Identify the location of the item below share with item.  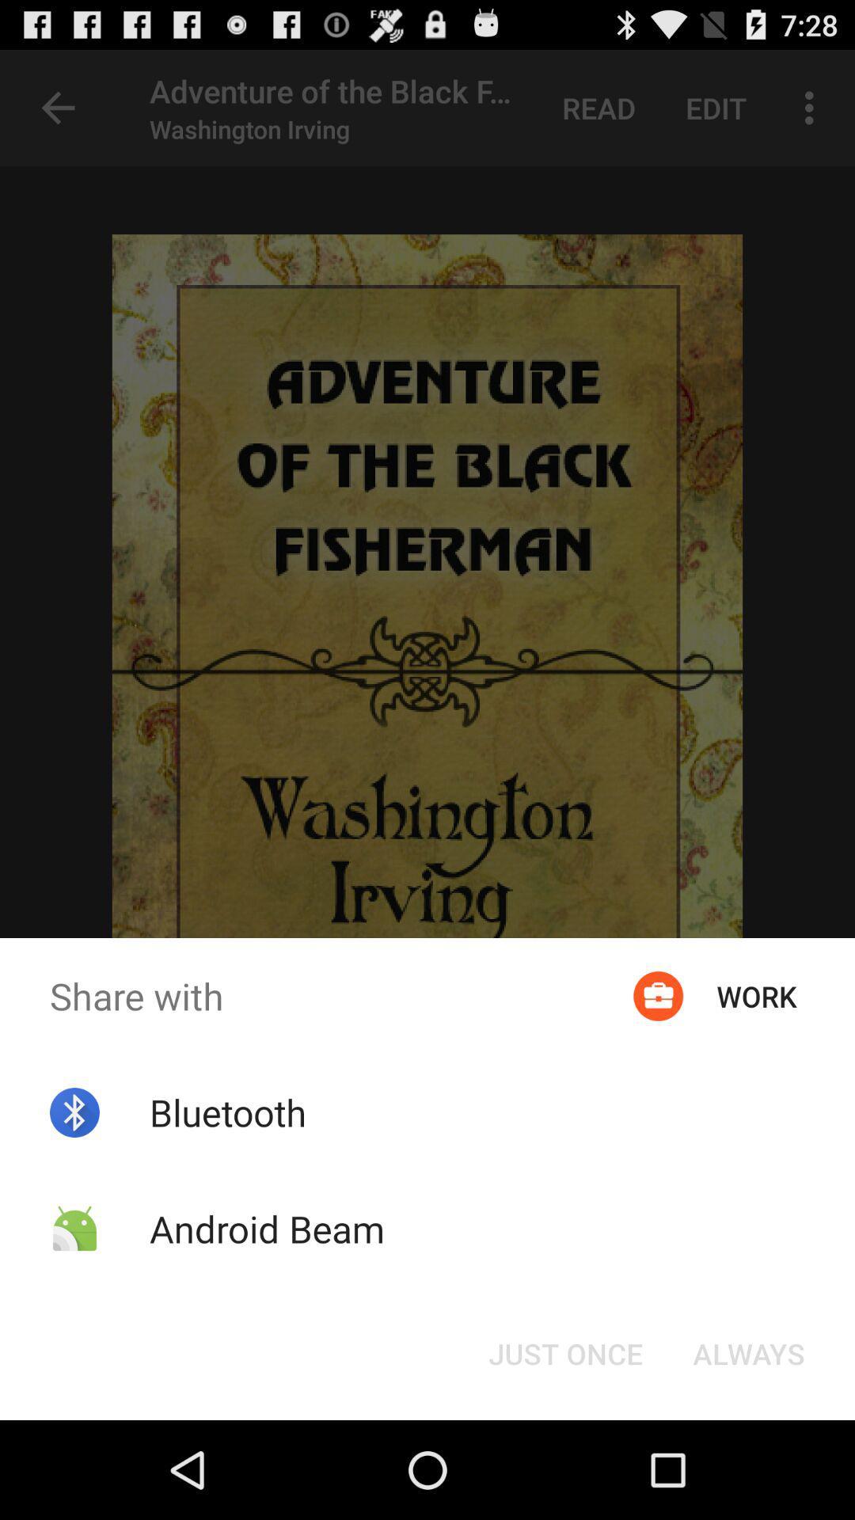
(564, 1352).